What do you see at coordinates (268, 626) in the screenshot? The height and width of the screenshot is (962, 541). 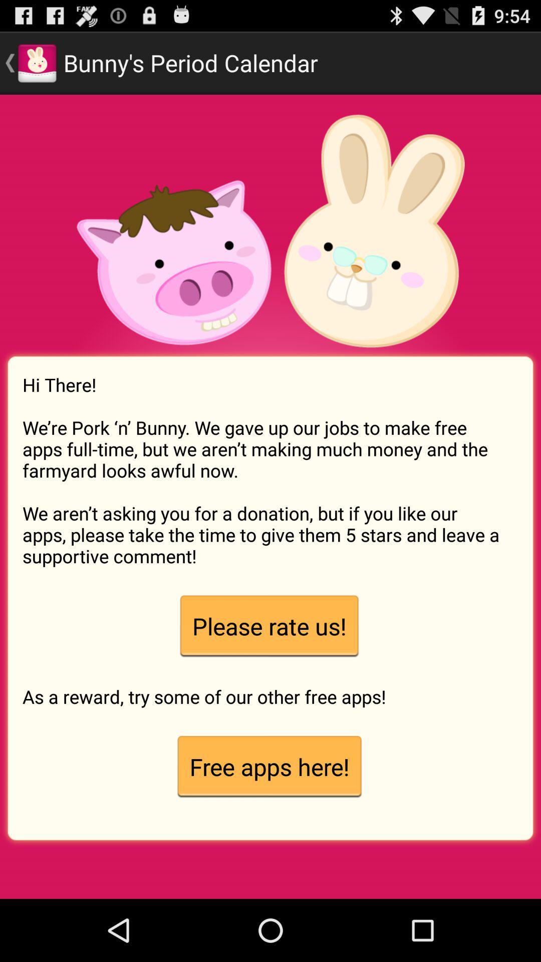 I see `please rate us! item` at bounding box center [268, 626].